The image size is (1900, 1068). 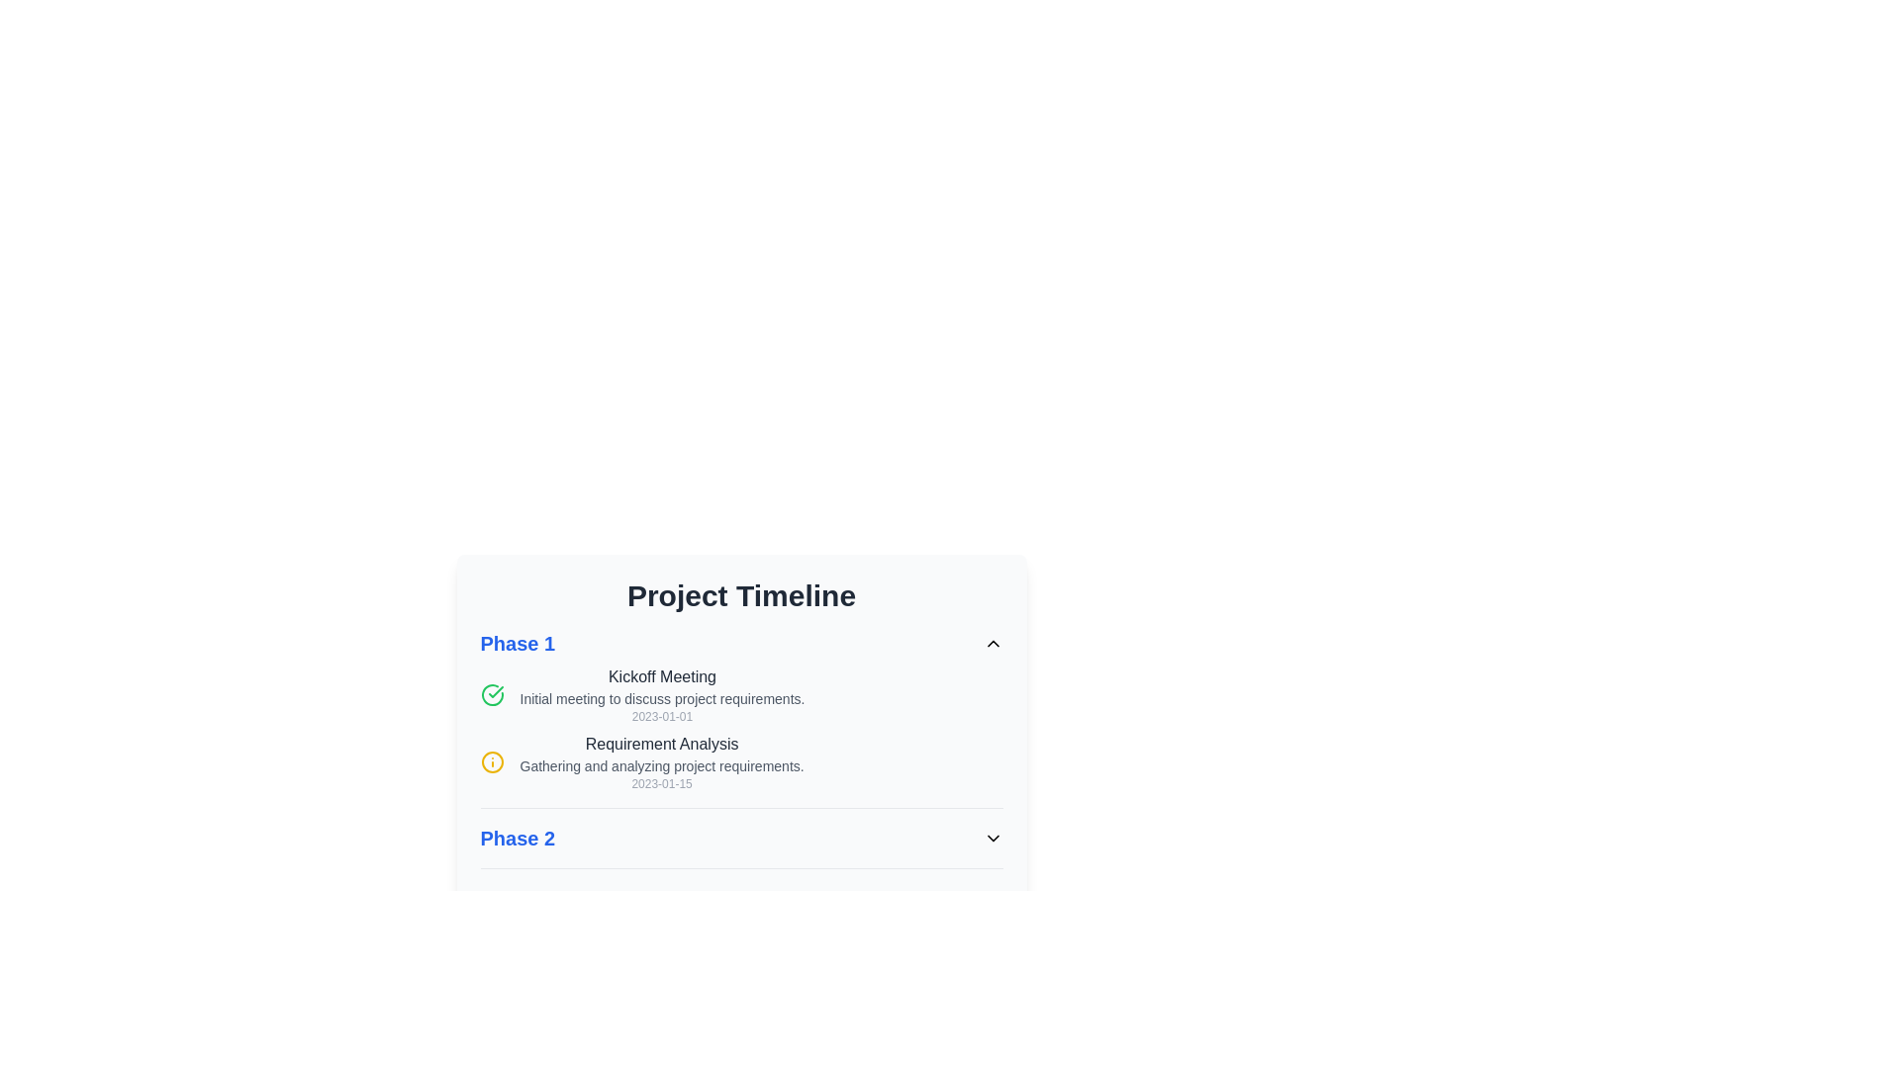 I want to click on the icon-based toggle button located at the far right of the 'Phase 1' section's header, so click(x=993, y=644).